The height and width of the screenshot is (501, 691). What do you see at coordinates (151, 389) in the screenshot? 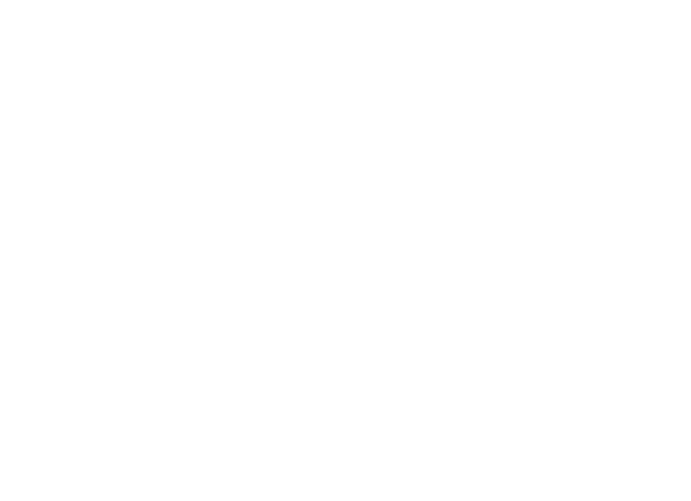
I see `'Advertise'` at bounding box center [151, 389].